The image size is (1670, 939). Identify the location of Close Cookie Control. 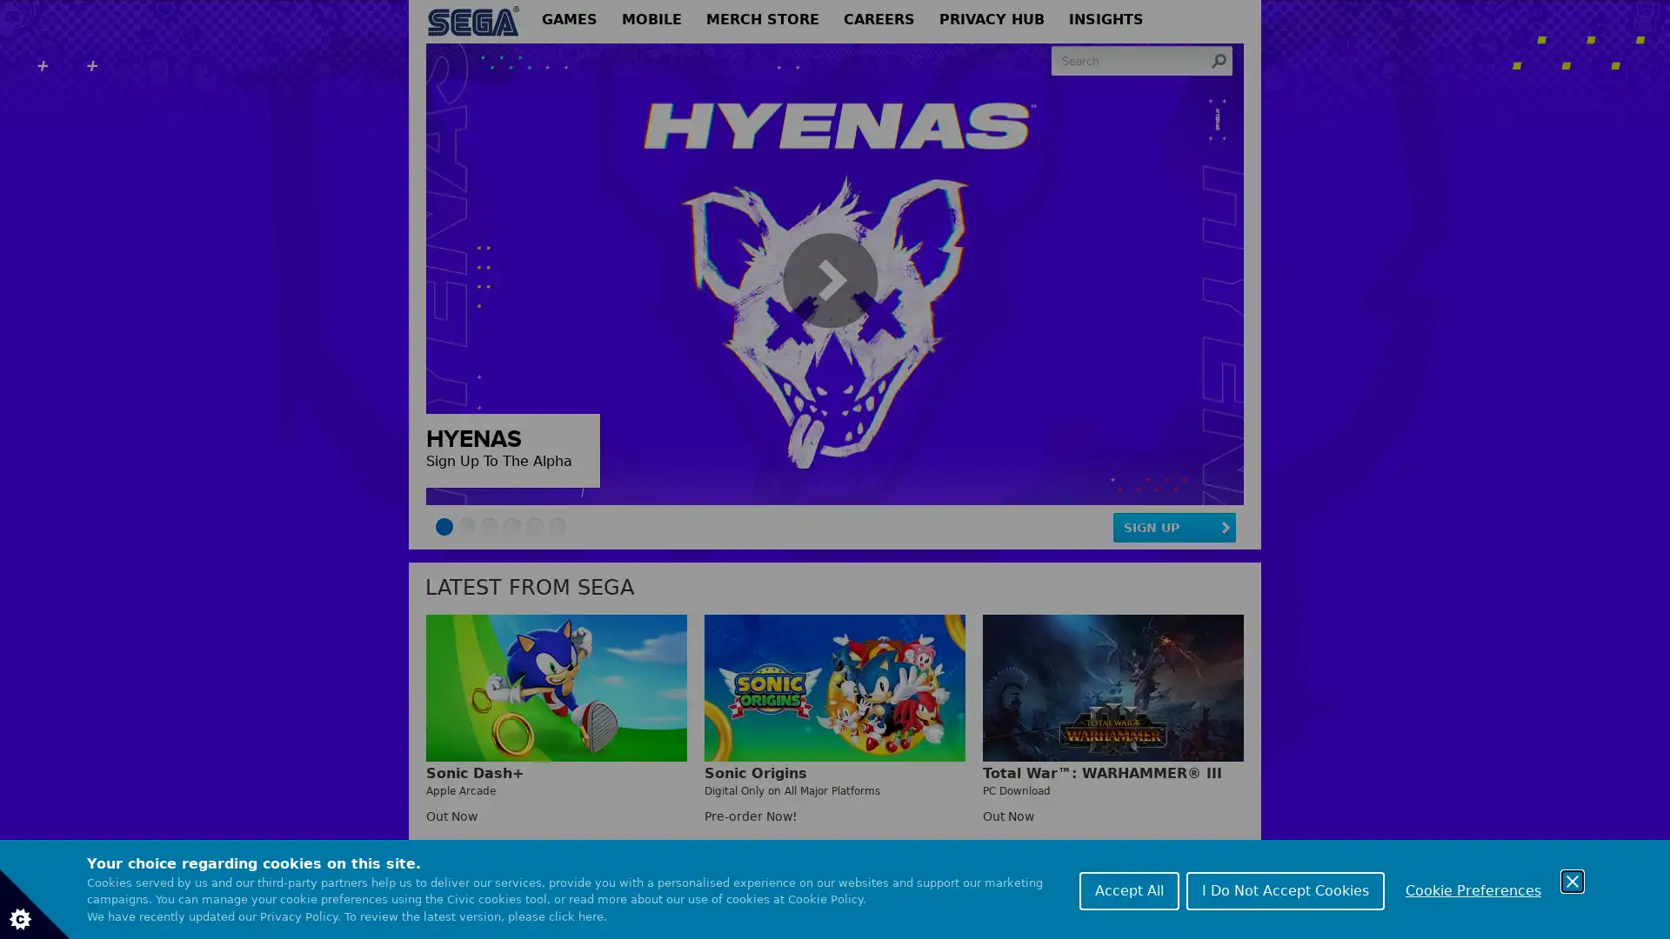
(1573, 881).